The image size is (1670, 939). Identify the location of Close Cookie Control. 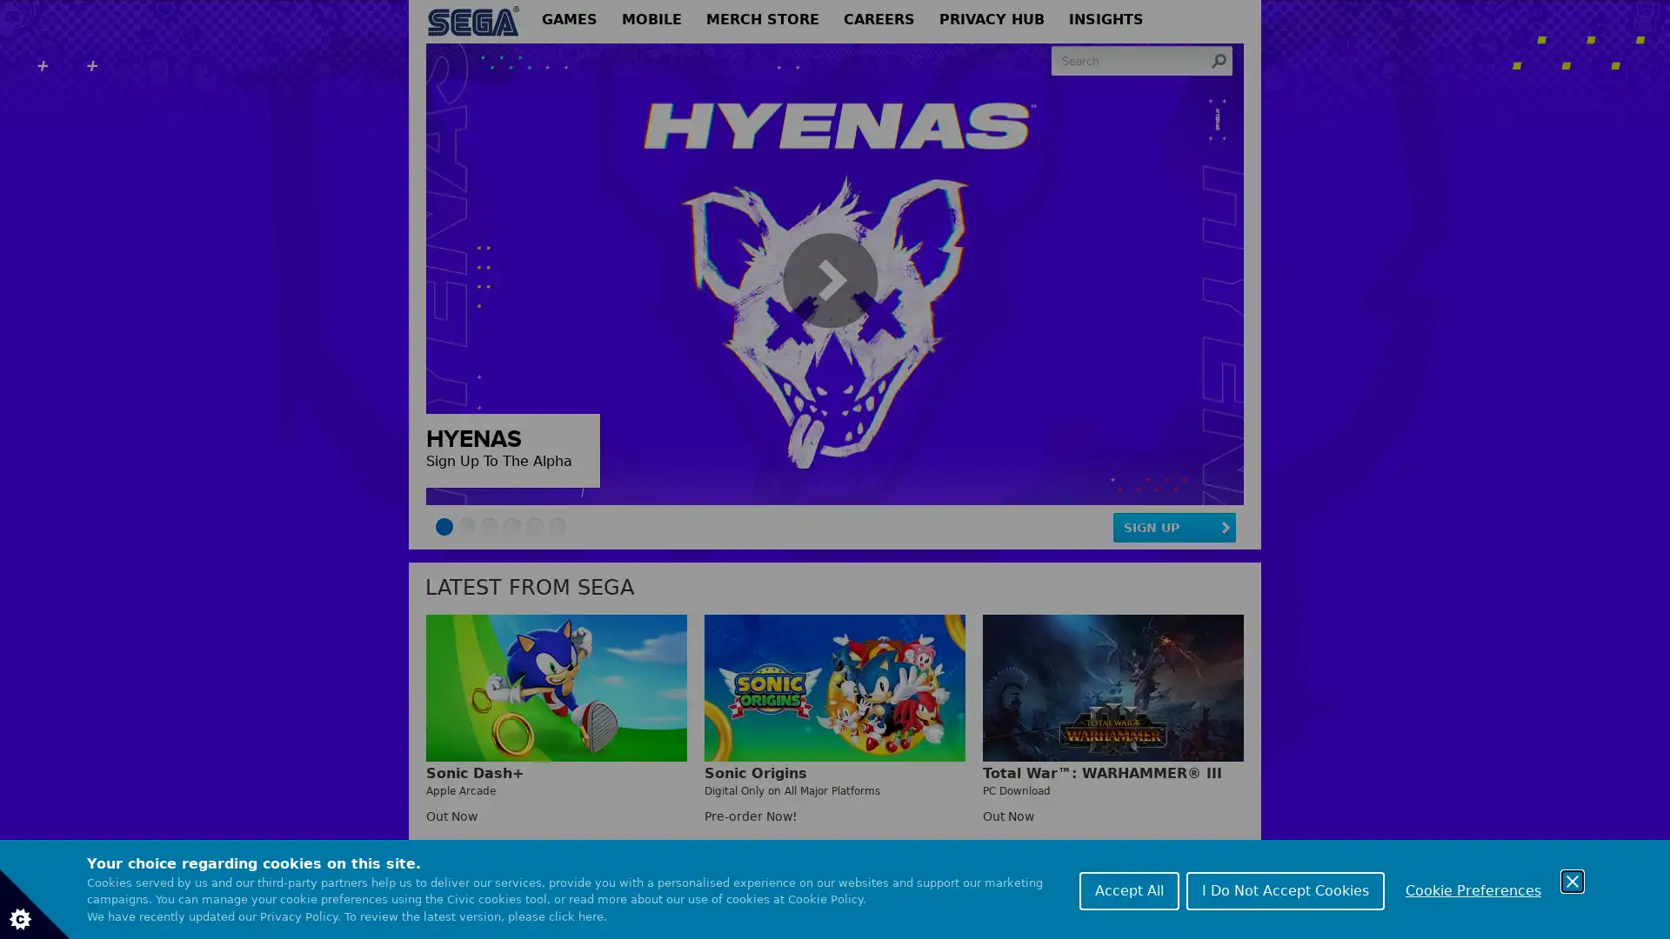
(1573, 881).